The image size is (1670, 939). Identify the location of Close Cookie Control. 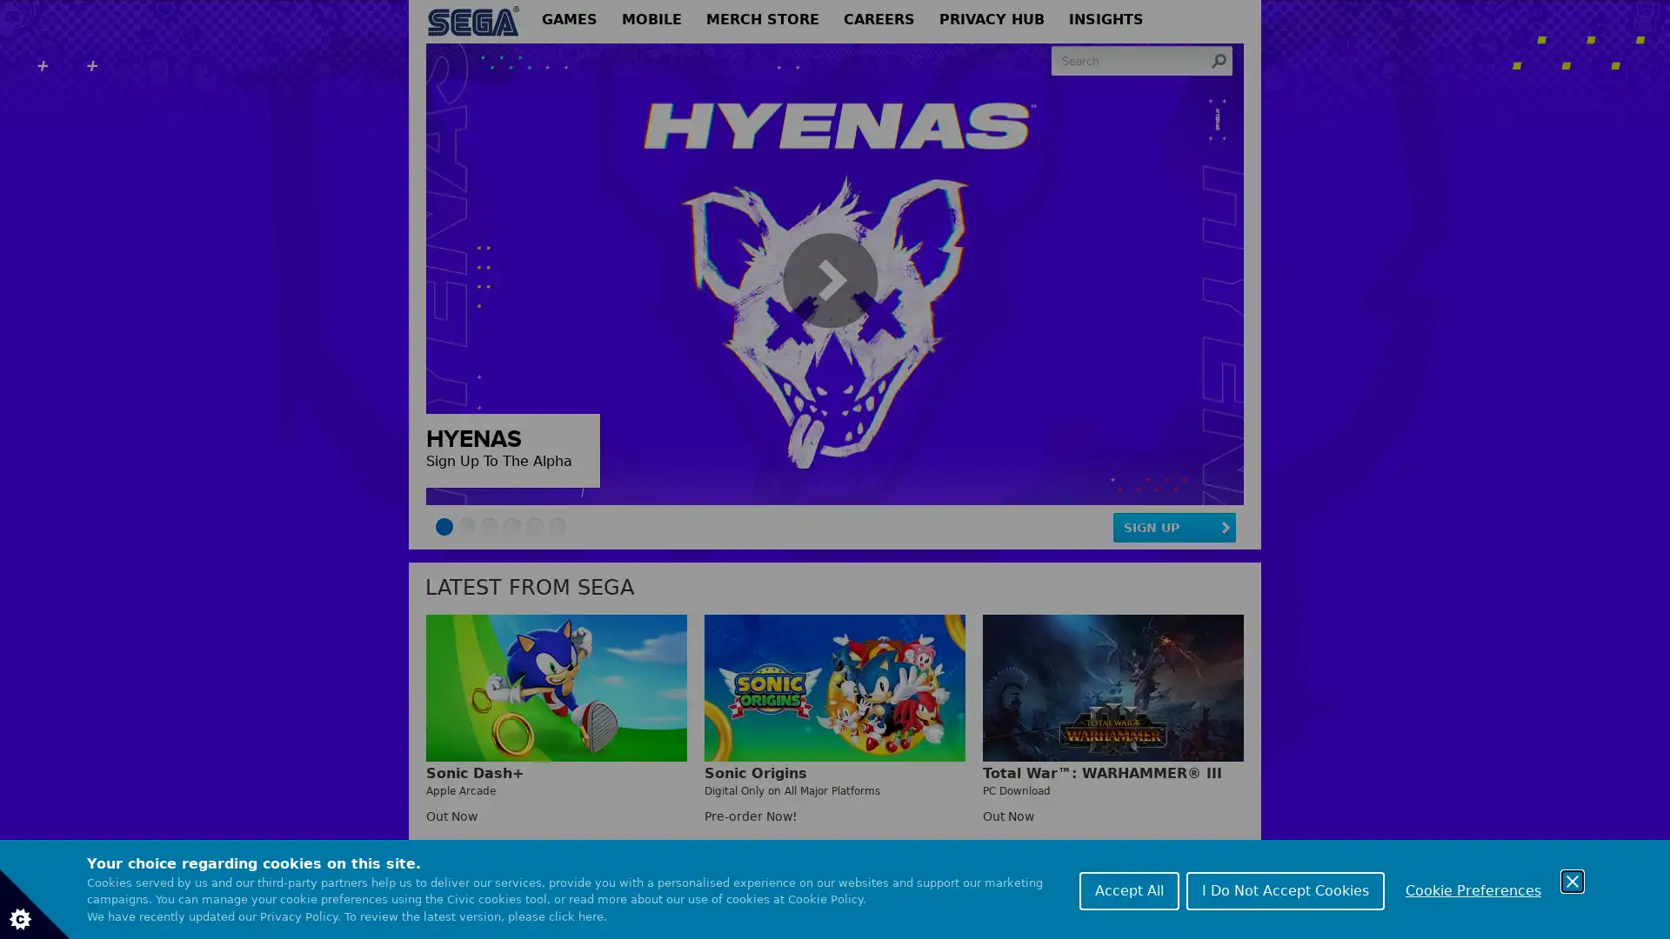
(1573, 881).